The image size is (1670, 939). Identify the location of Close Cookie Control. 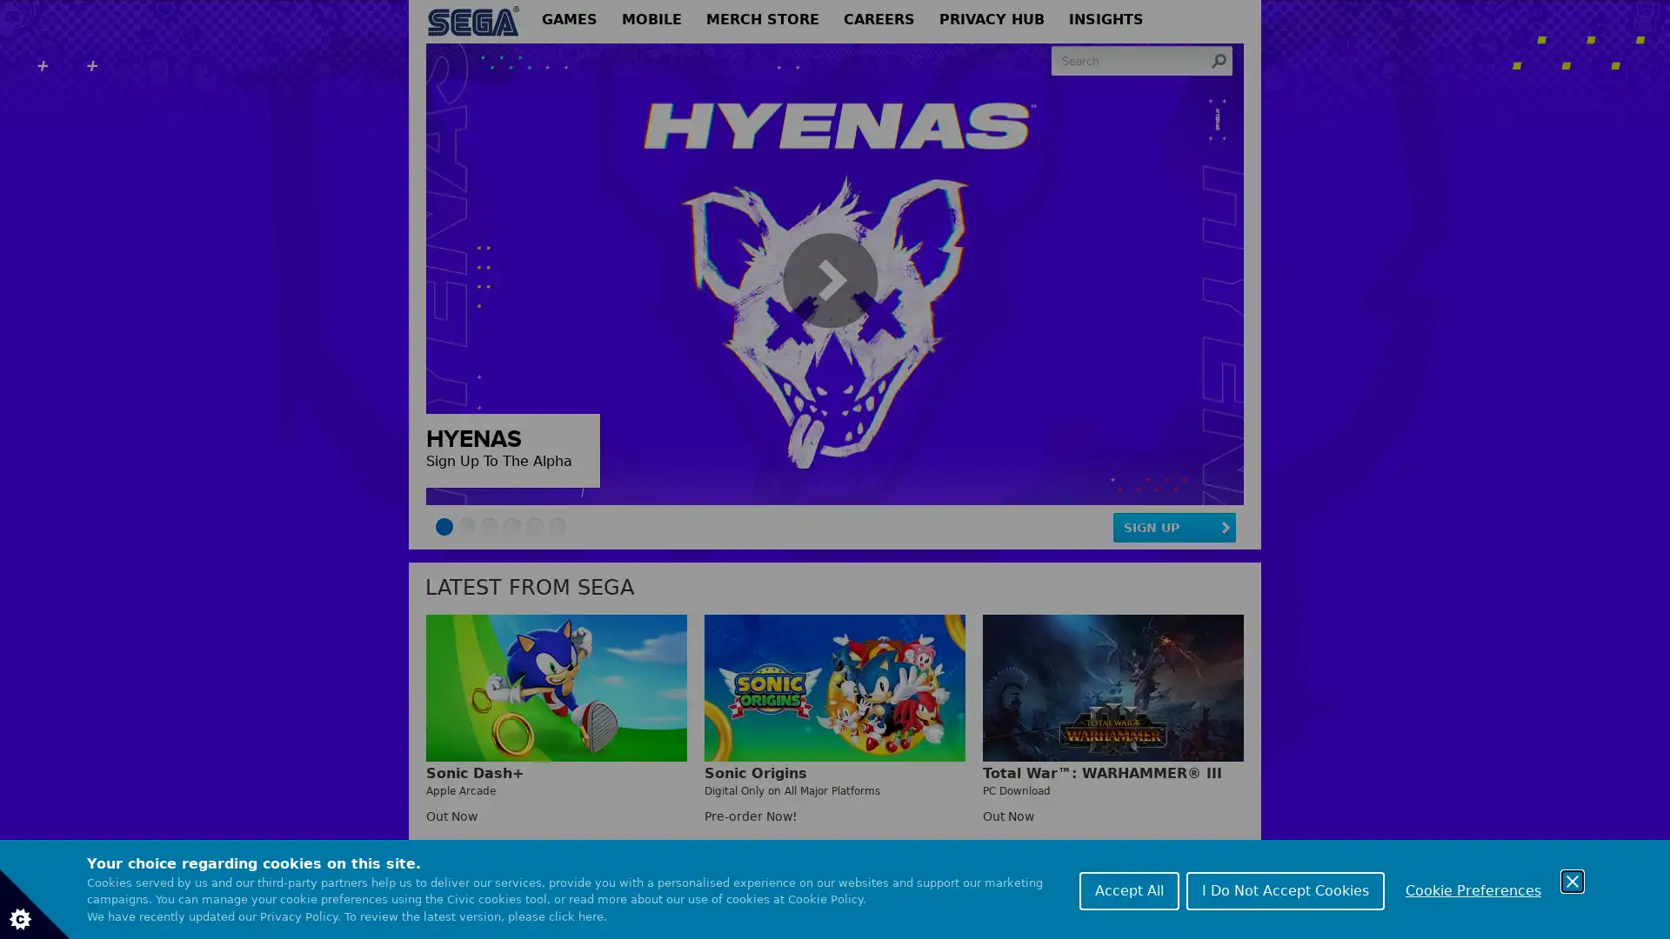
(1573, 881).